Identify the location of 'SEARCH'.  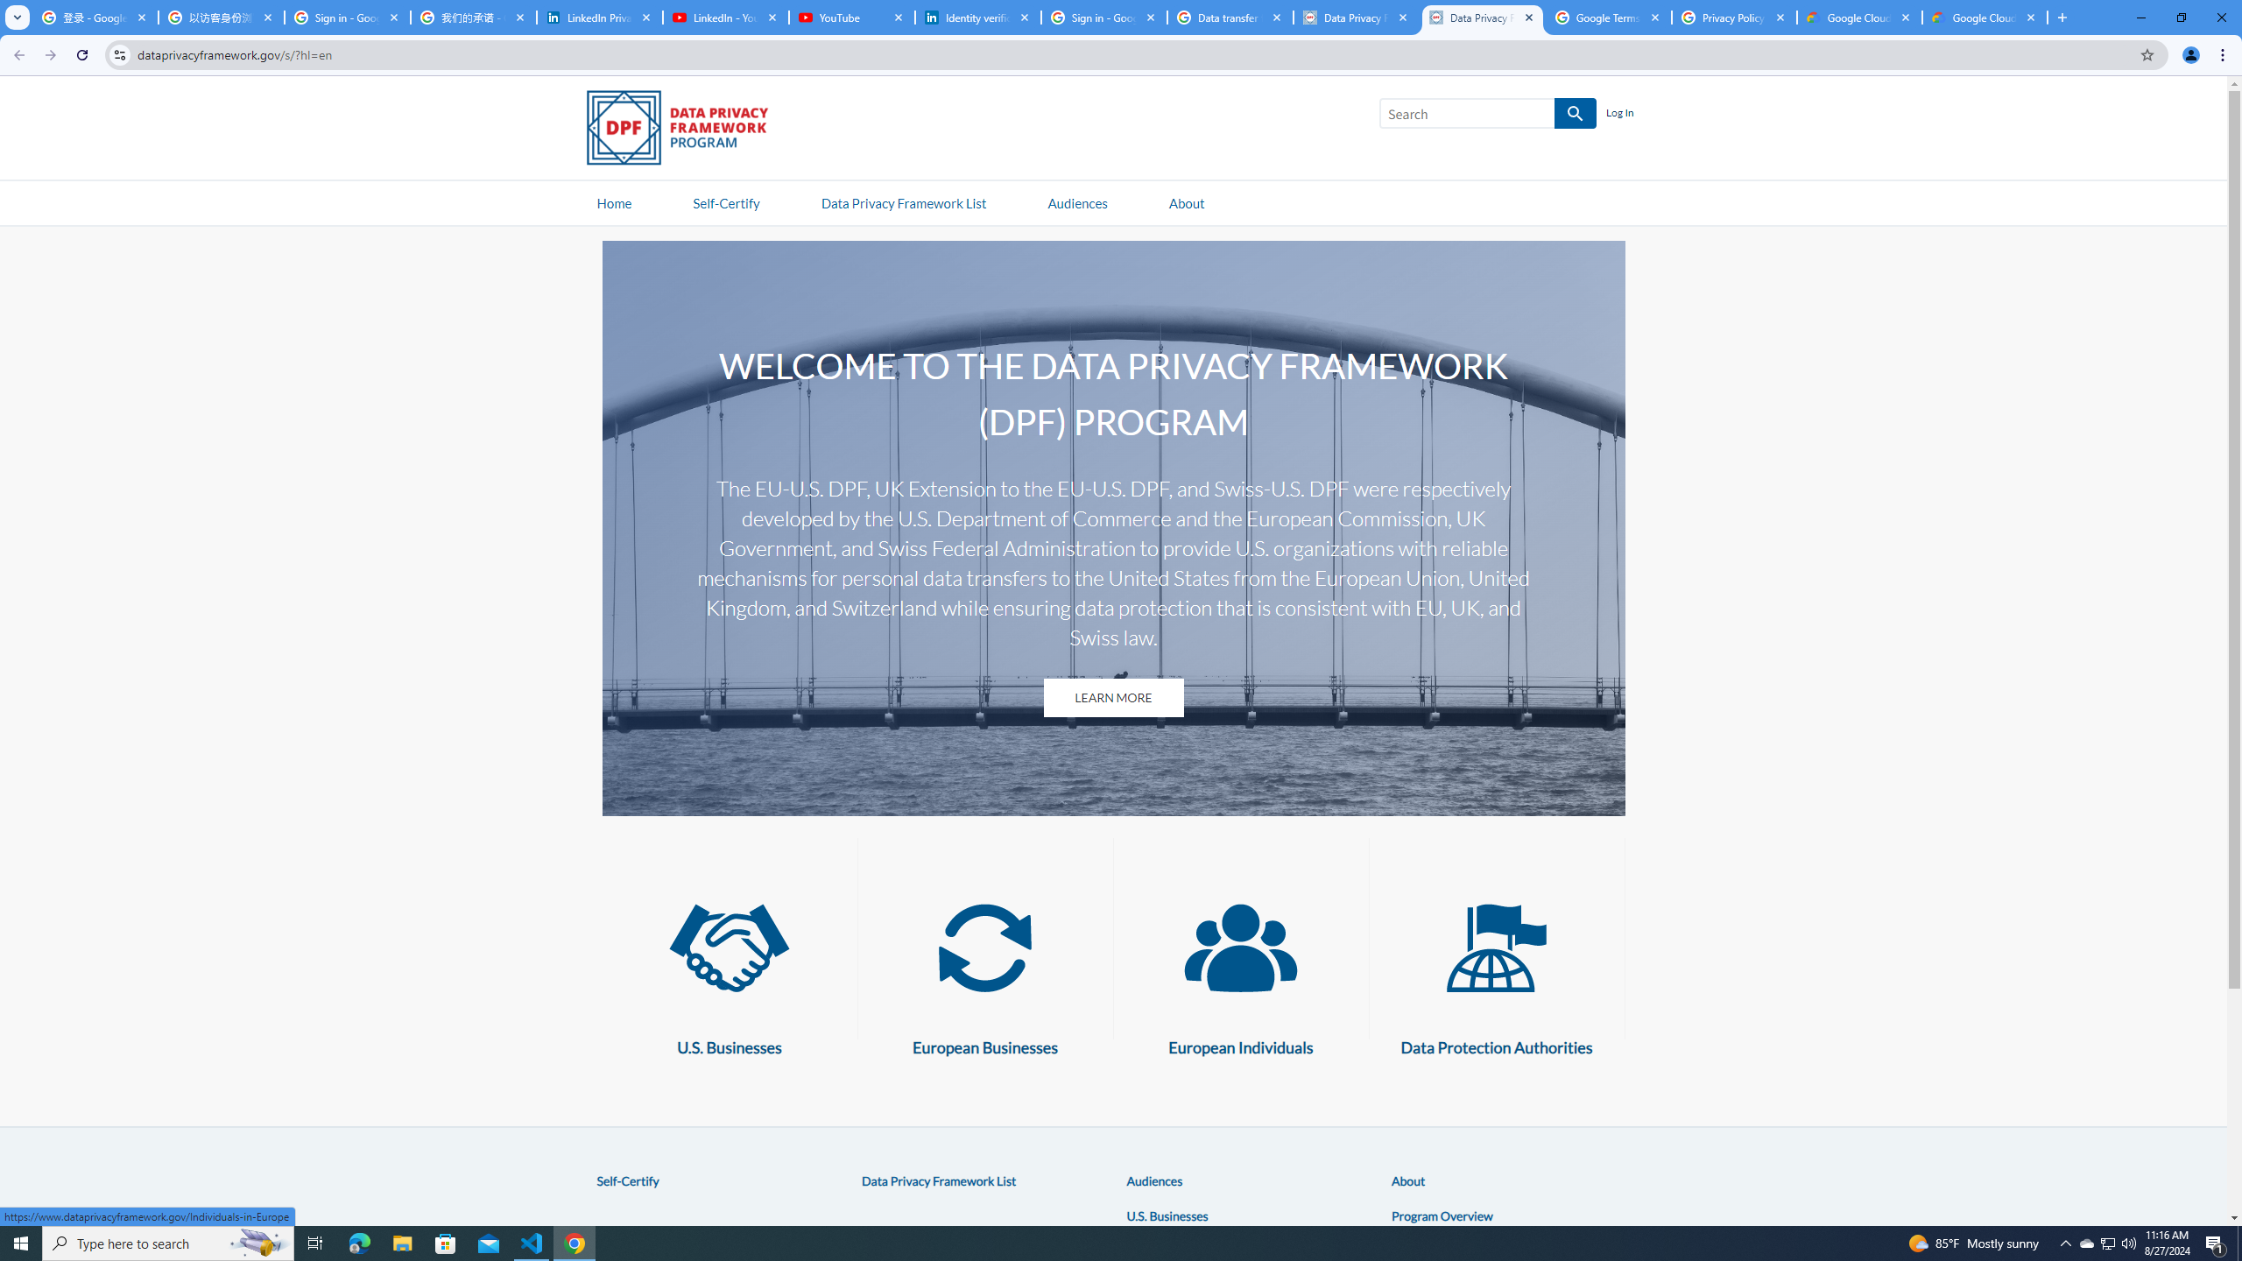
(1574, 114).